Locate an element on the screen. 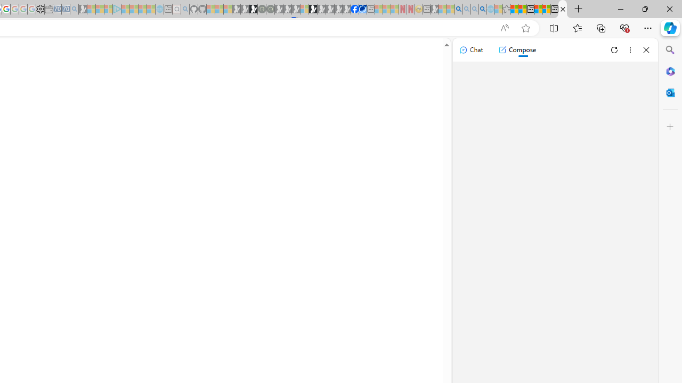 The height and width of the screenshot is (383, 682). 'Aberdeen, Hong Kong SAR weather forecast | Microsoft Weather' is located at coordinates (523, 9).